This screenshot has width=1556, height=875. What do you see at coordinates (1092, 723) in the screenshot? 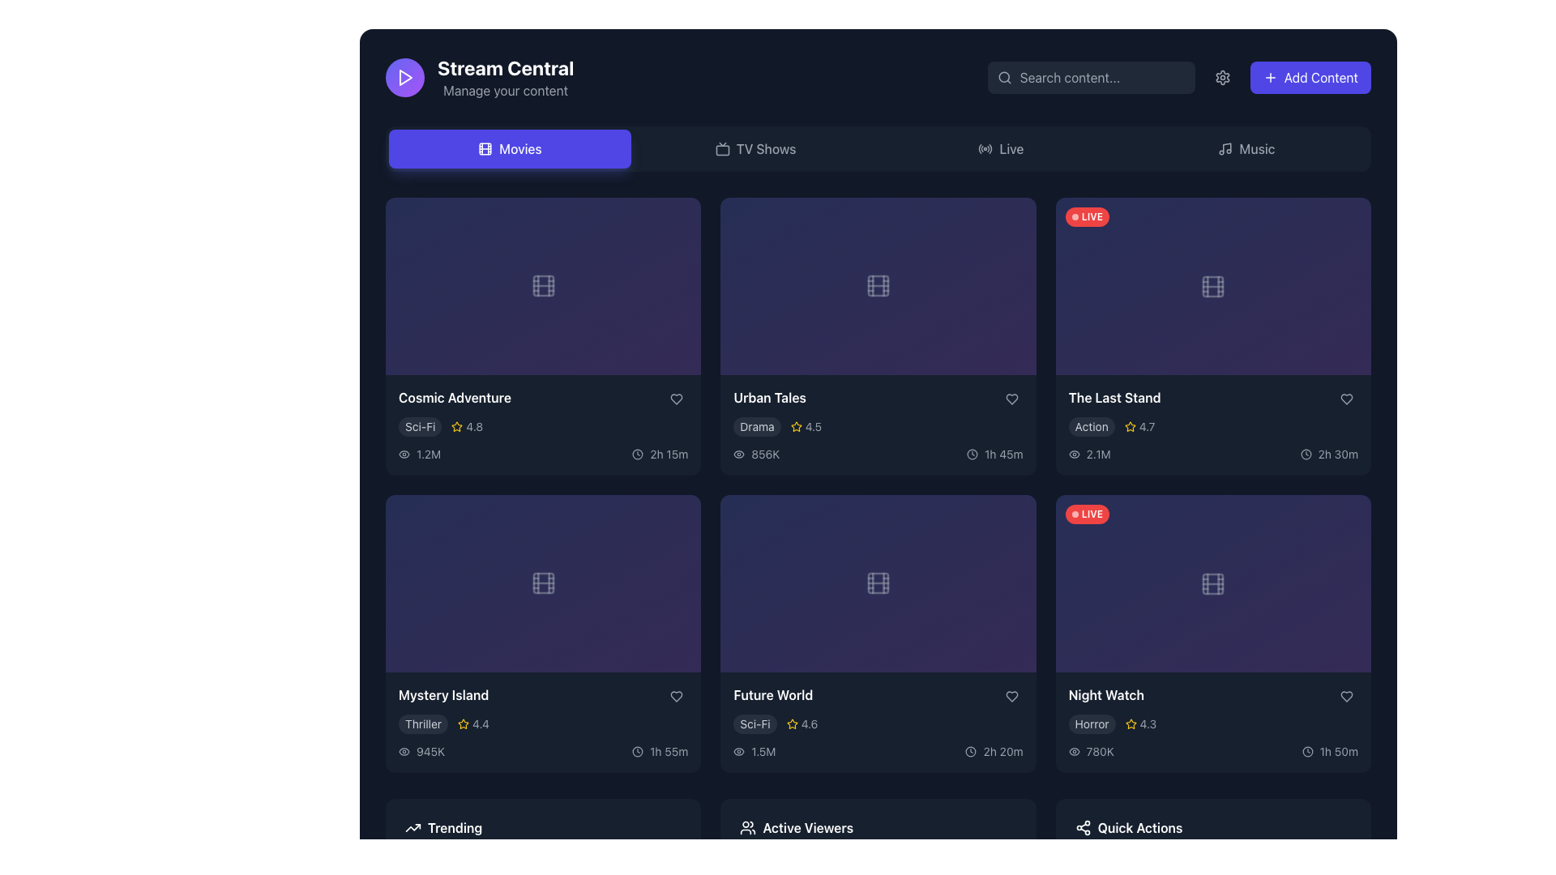
I see `the 'Horror' genre label located at the bottom section of the 'Night Watch' card in the last column of the movie grid` at bounding box center [1092, 723].